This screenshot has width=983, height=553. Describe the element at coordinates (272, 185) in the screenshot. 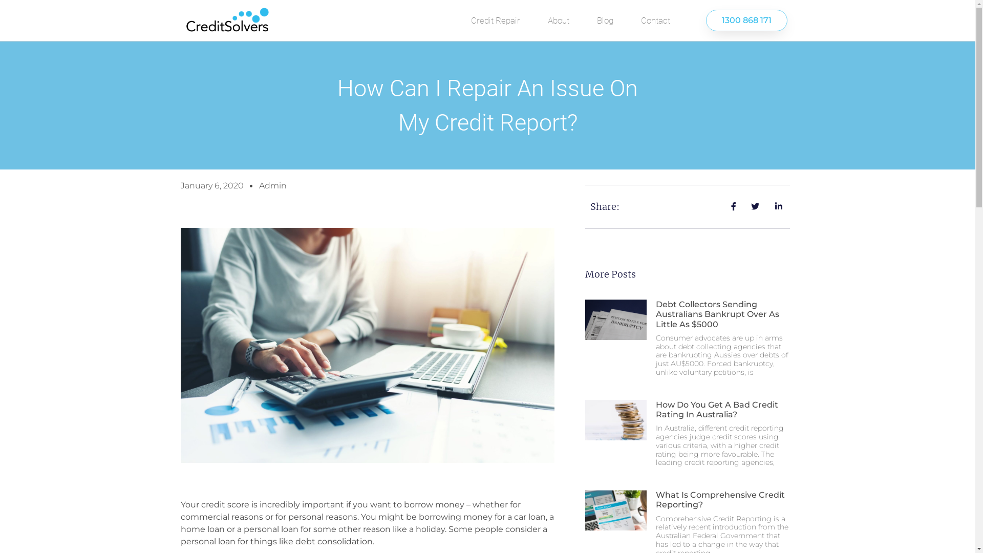

I see `'Admin'` at that location.